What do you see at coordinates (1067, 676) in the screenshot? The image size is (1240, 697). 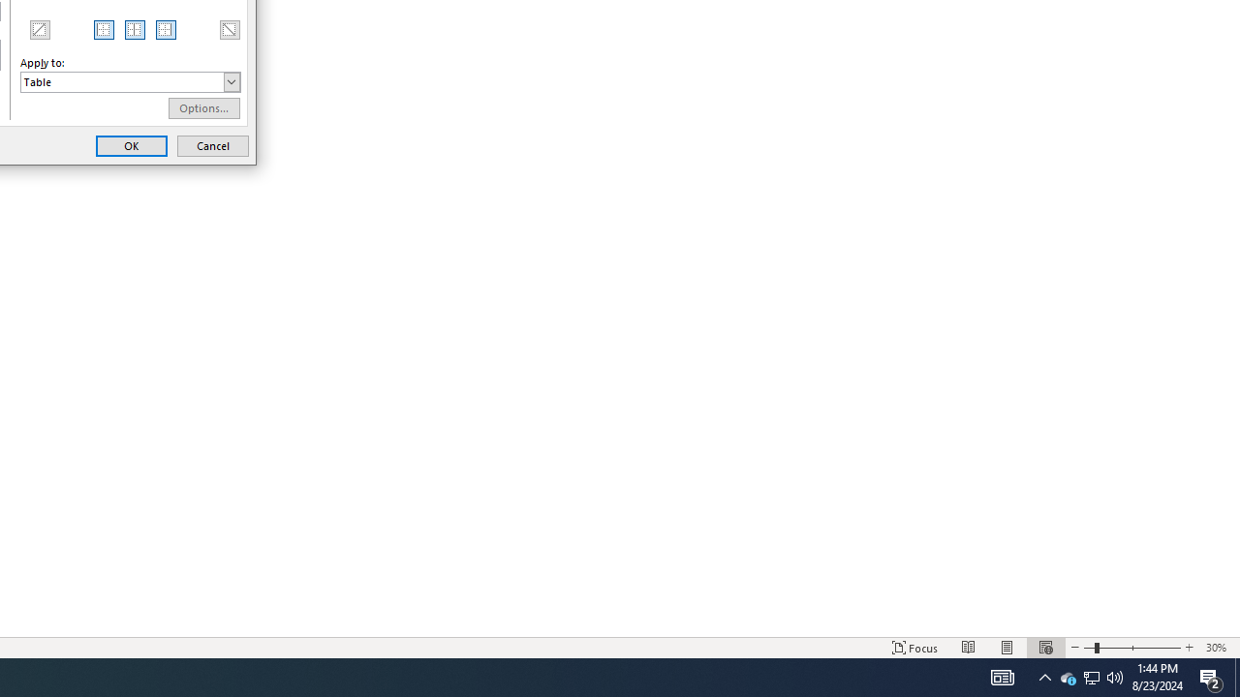 I see `'Zoom Out'` at bounding box center [1067, 676].